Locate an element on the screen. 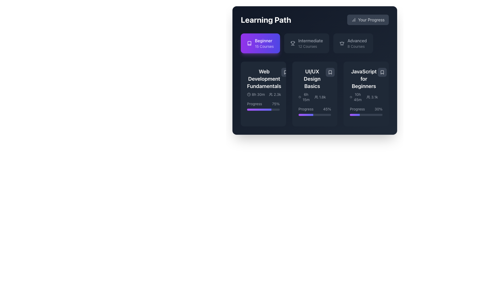 The image size is (502, 282). the progress is located at coordinates (253, 109).